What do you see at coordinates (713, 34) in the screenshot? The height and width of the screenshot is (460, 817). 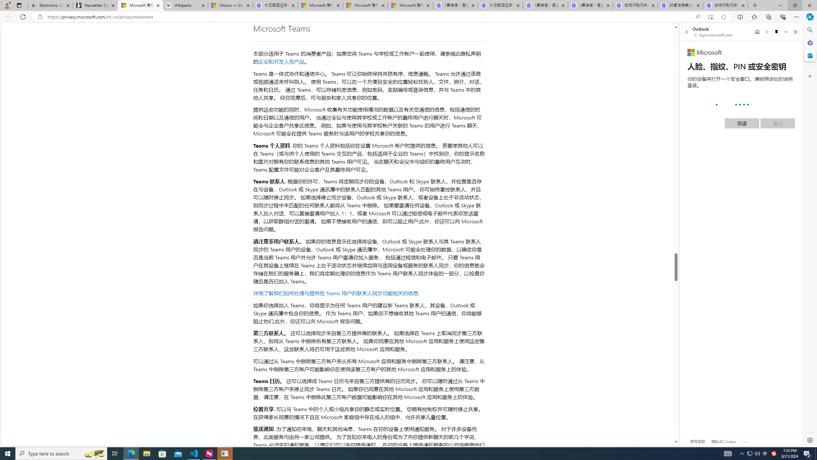 I see `'login.microsoft.com'` at bounding box center [713, 34].